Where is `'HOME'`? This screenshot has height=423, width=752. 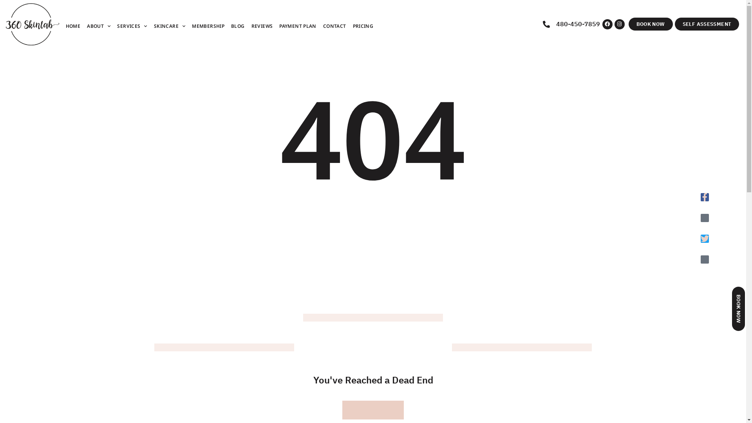 'HOME' is located at coordinates (73, 25).